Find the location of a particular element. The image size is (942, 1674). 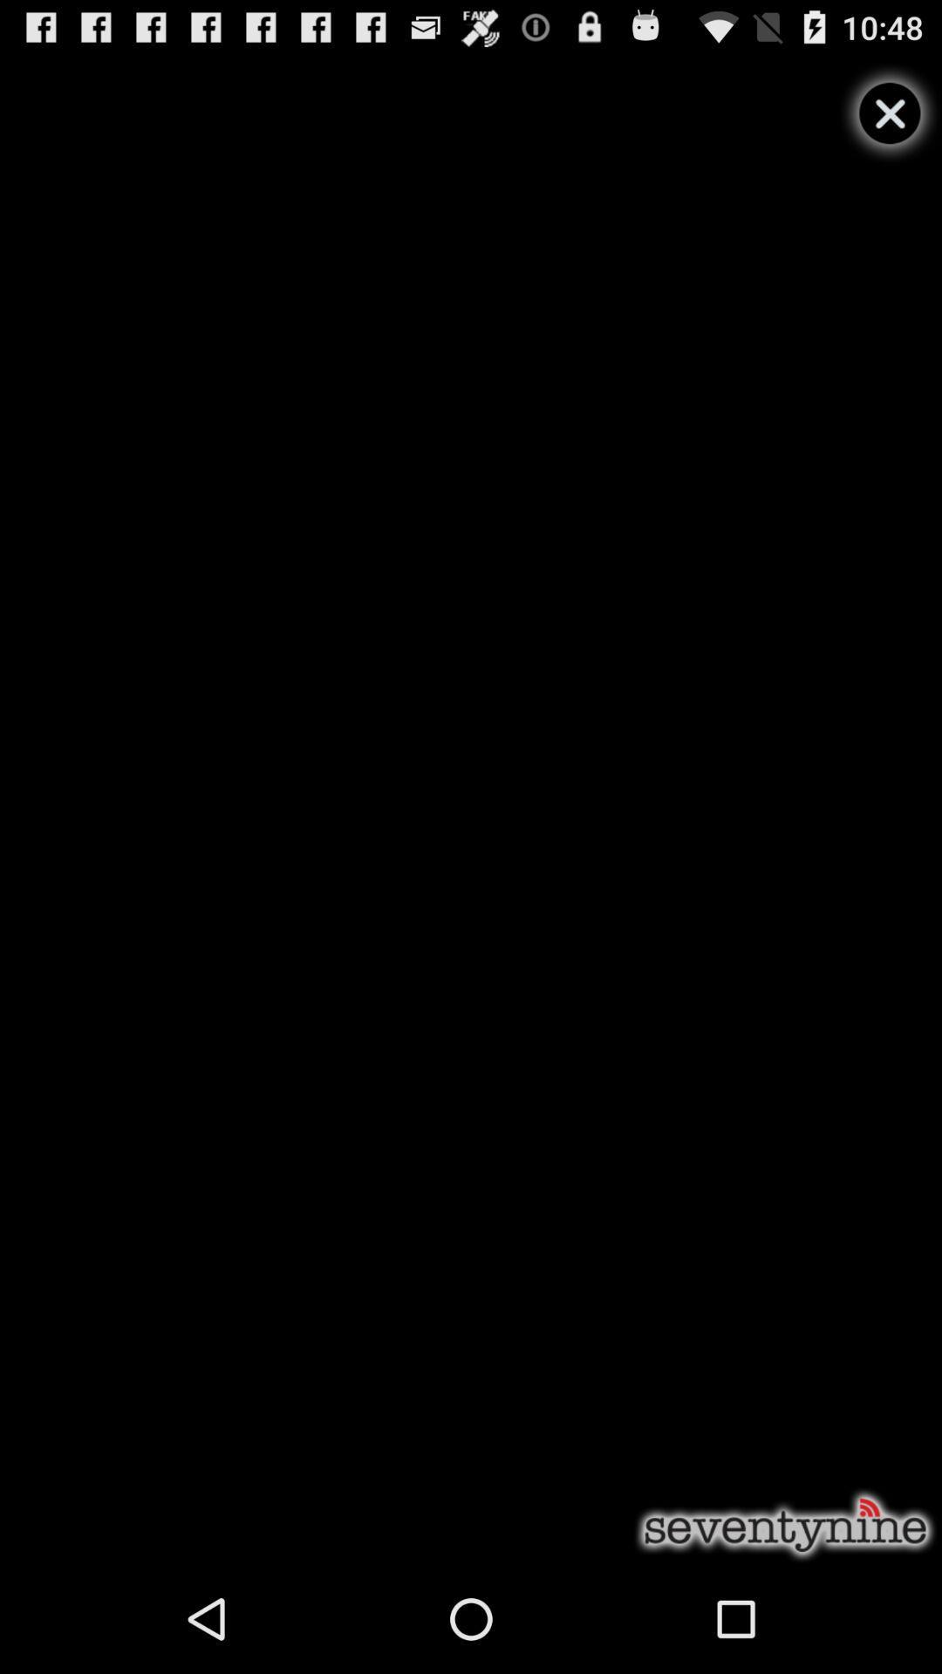

this is located at coordinates (890, 112).